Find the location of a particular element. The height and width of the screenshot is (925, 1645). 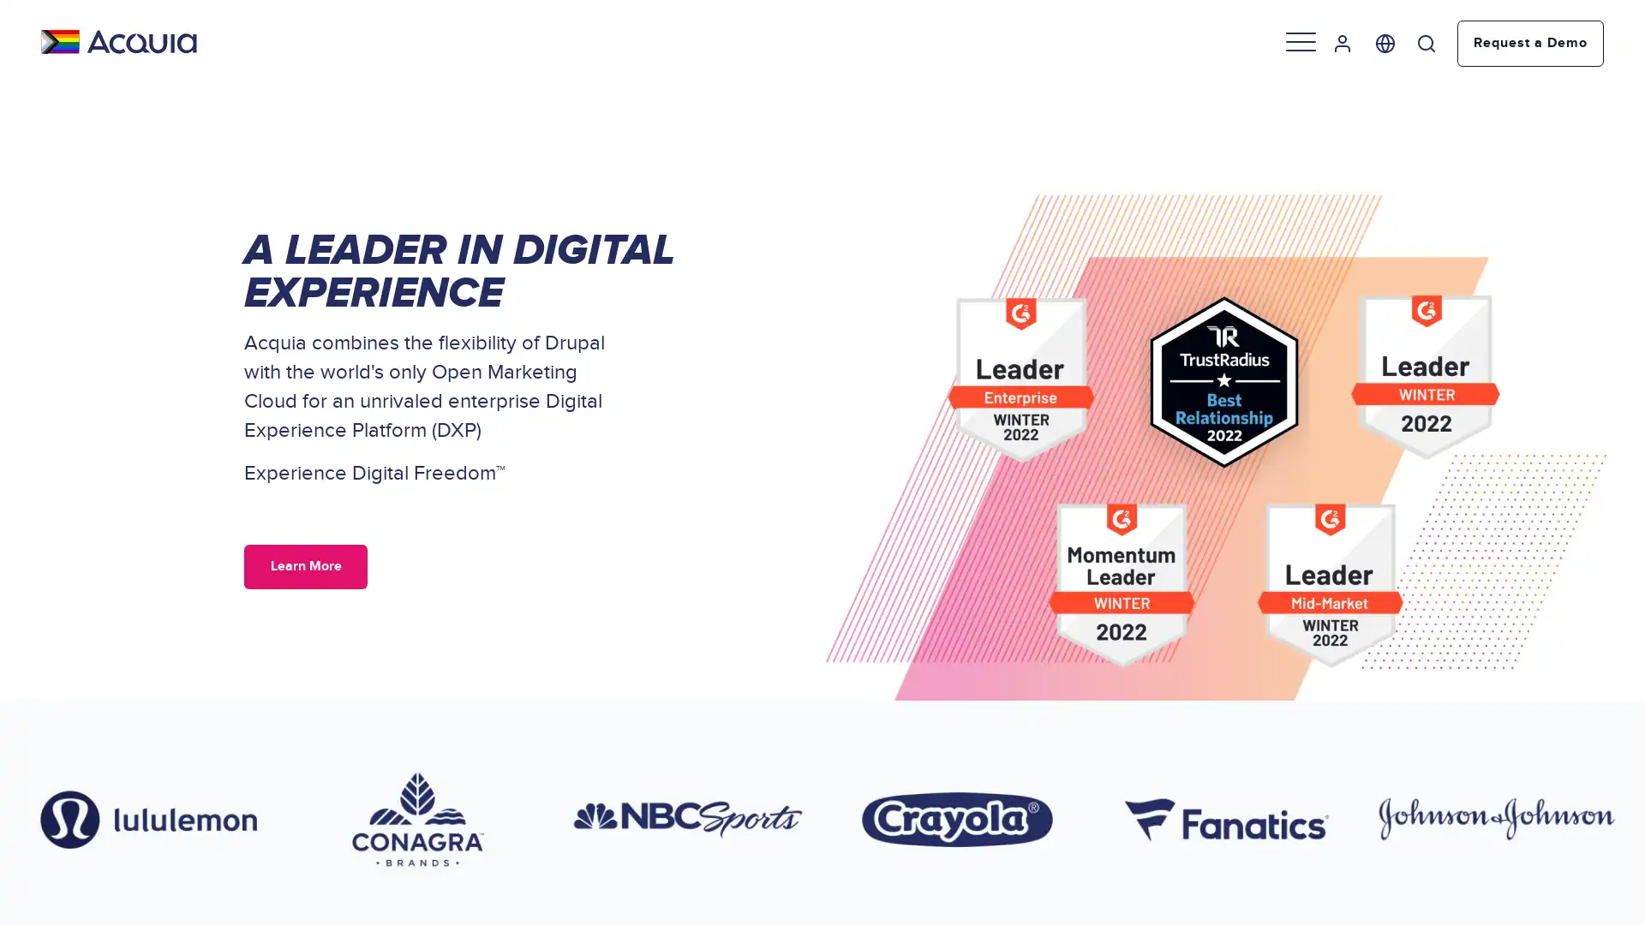

Disable All is located at coordinates (174, 812).